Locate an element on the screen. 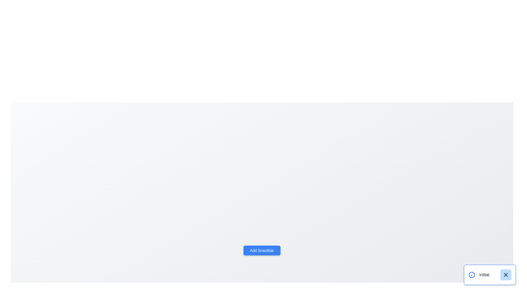 This screenshot has width=527, height=296. the circular blue outlined icon with a central dot, which serves as a notification indicator is located at coordinates (471, 275).